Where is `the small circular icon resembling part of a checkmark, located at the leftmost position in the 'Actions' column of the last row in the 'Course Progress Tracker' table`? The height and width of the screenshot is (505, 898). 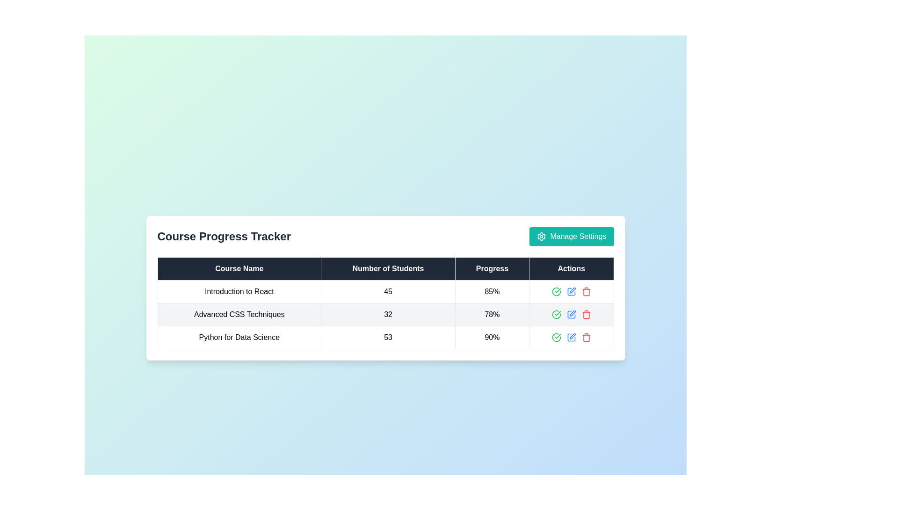 the small circular icon resembling part of a checkmark, located at the leftmost position in the 'Actions' column of the last row in the 'Course Progress Tracker' table is located at coordinates (556, 337).